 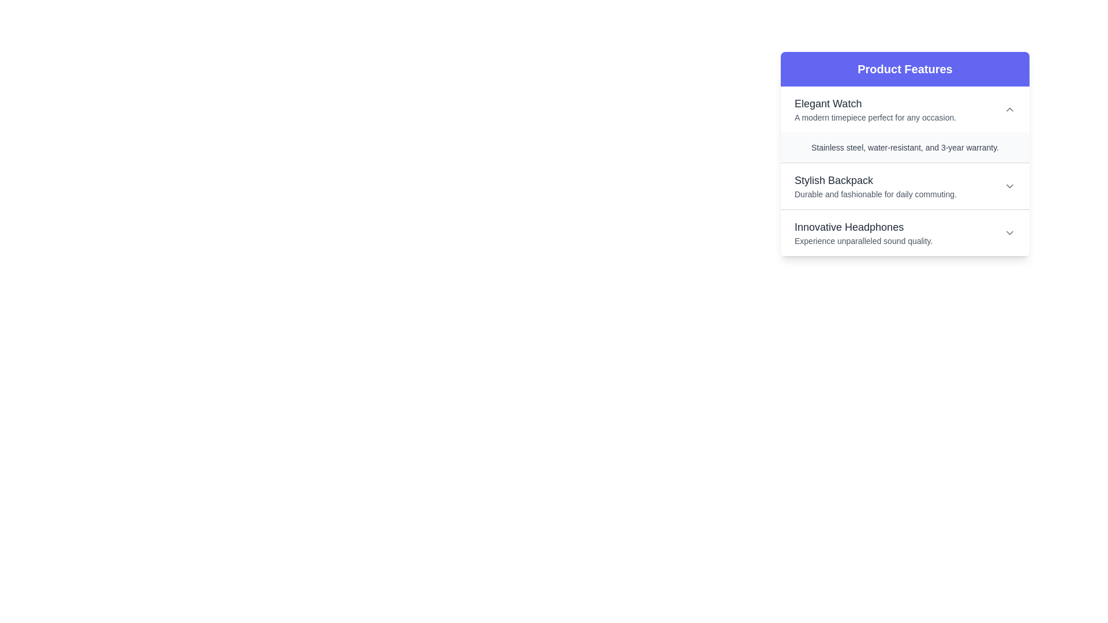 What do you see at coordinates (1009, 186) in the screenshot?
I see `the downward-pointing chevron icon styled in gray, located to the far-right of the text 'Stylish Backpack'` at bounding box center [1009, 186].